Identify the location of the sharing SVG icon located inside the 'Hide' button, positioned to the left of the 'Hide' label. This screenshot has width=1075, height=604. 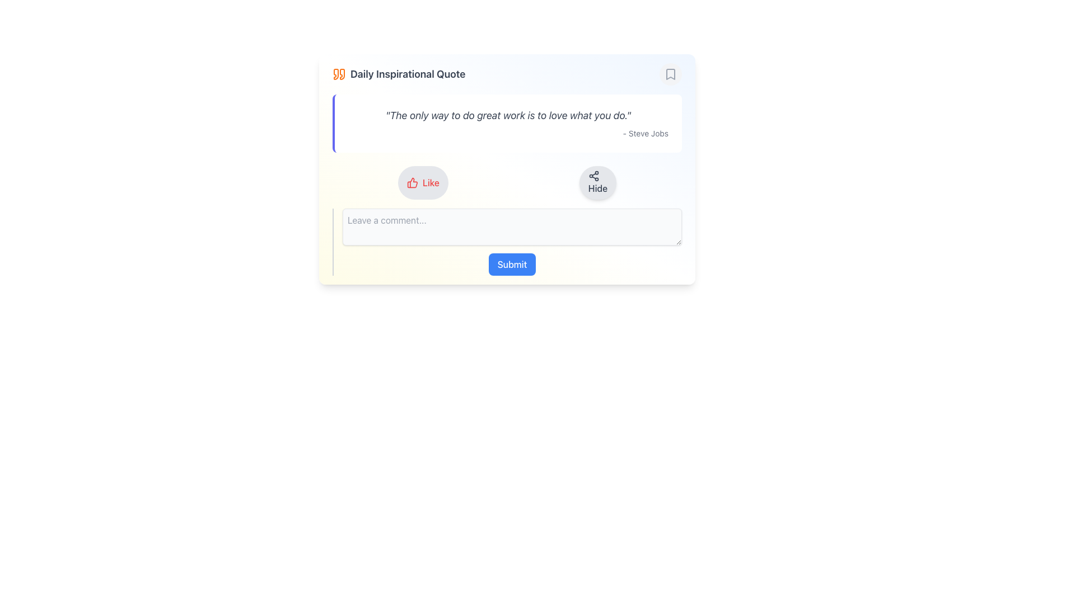
(593, 176).